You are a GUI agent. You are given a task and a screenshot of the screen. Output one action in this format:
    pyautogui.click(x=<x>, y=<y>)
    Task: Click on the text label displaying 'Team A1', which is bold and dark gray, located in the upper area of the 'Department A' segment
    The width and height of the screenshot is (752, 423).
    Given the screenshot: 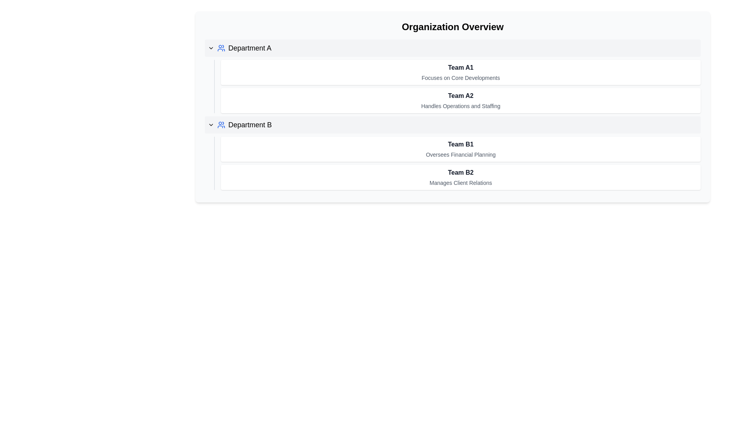 What is the action you would take?
    pyautogui.click(x=461, y=67)
    